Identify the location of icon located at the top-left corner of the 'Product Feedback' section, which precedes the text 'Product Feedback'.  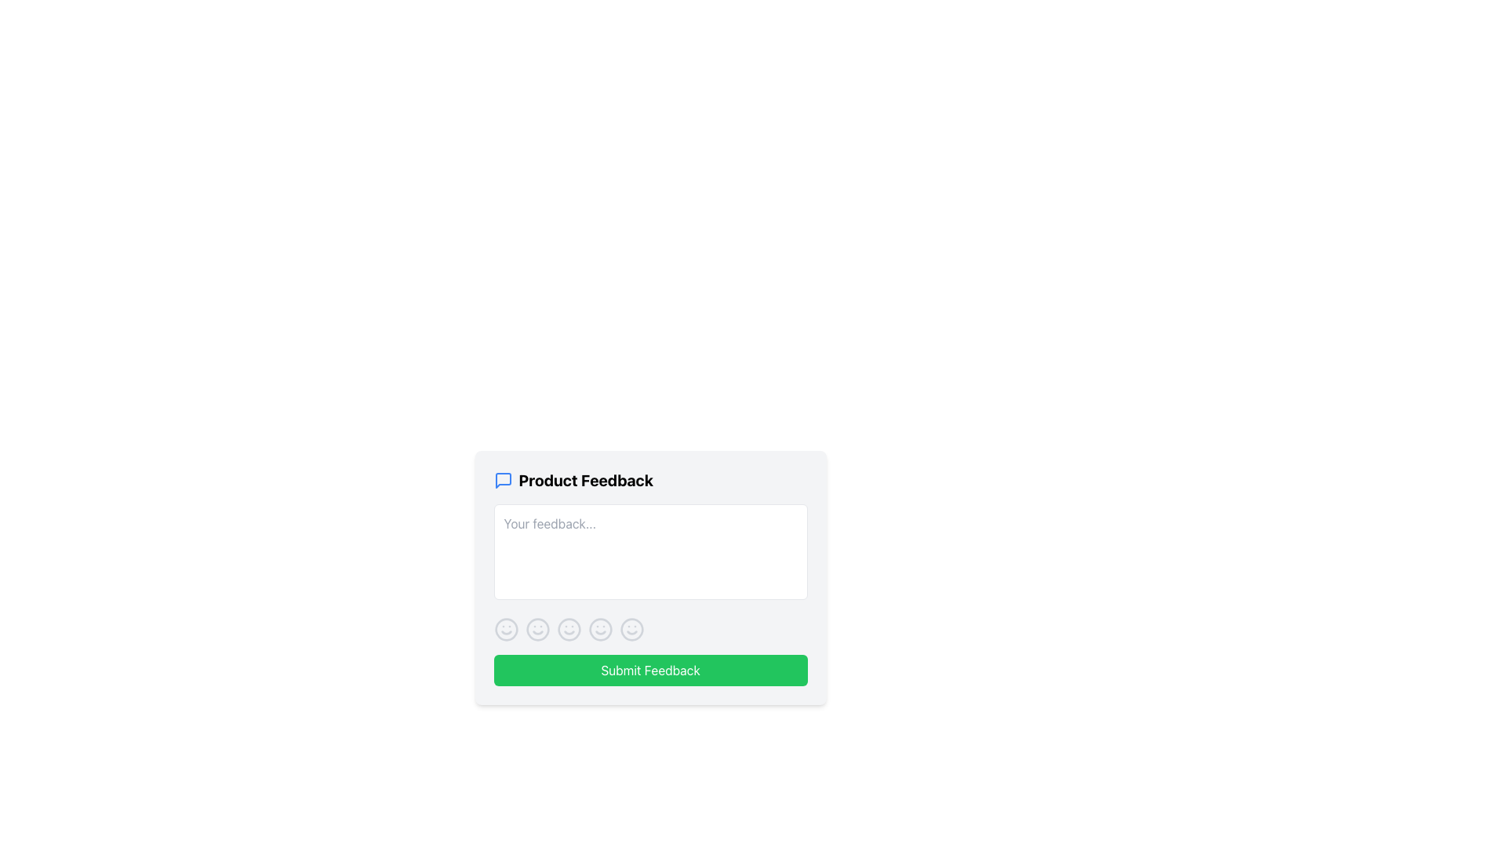
(503, 480).